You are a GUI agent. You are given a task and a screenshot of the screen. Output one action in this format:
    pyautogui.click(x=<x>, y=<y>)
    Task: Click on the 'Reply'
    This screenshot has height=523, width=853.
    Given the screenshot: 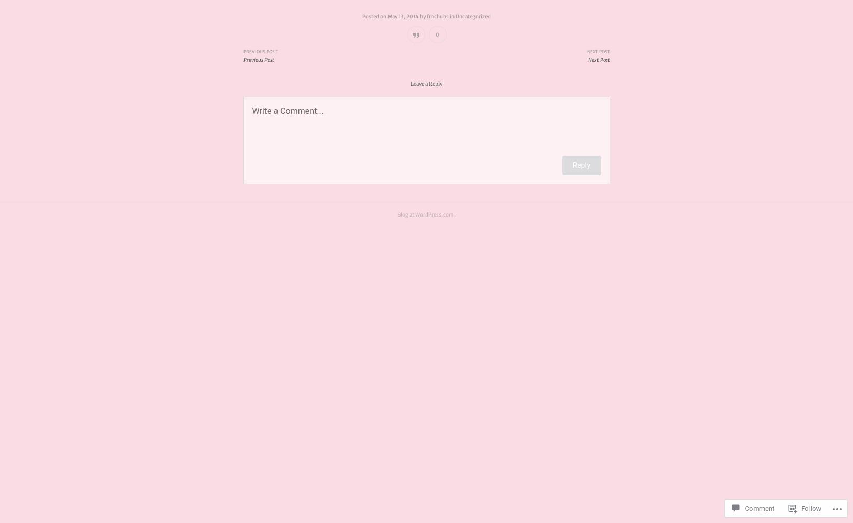 What is the action you would take?
    pyautogui.click(x=581, y=164)
    